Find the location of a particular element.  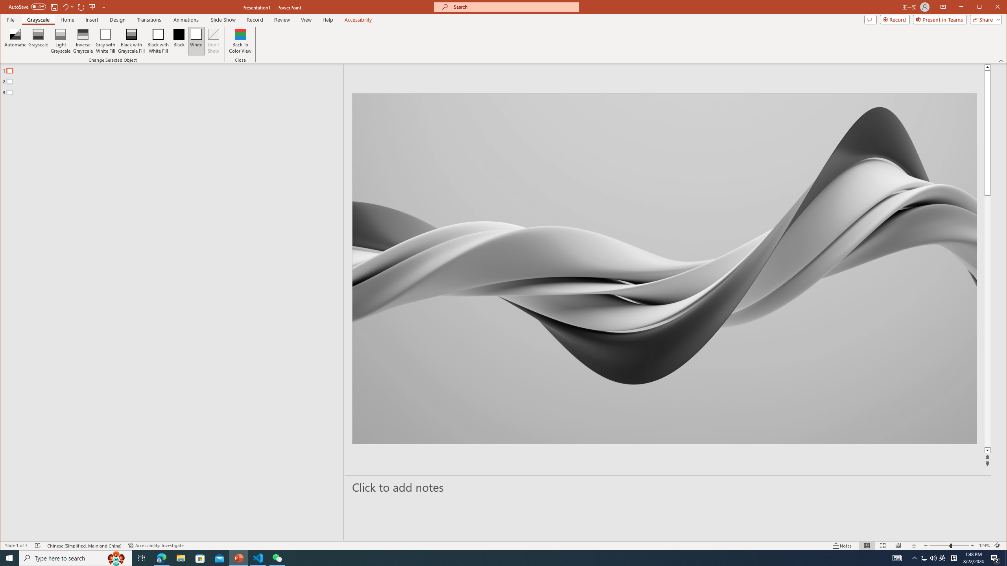

'Back To Color View' is located at coordinates (240, 40).